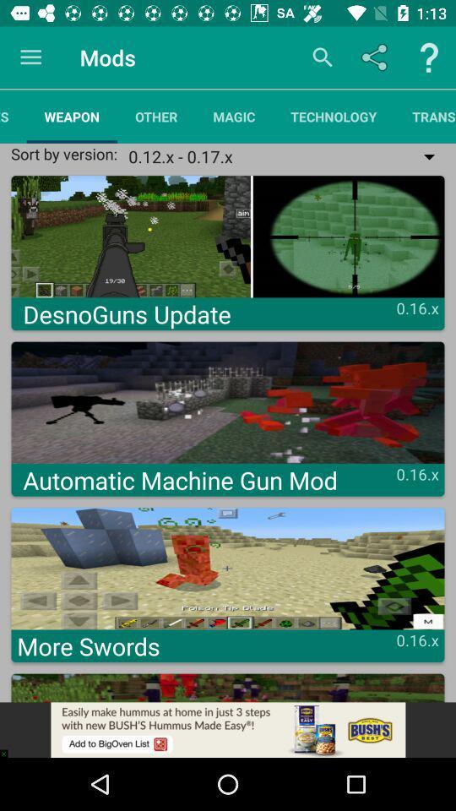 Image resolution: width=456 pixels, height=811 pixels. I want to click on magic item, so click(233, 116).